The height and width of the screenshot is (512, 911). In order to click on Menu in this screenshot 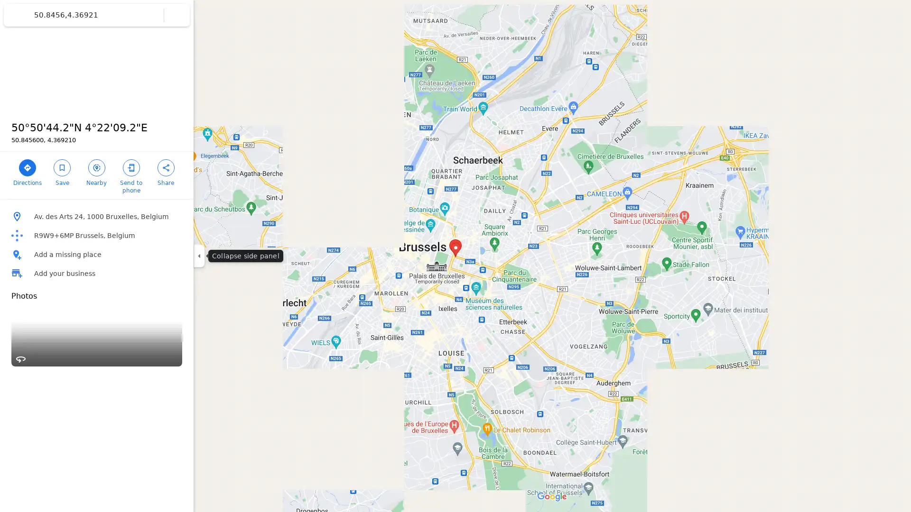, I will do `click(17, 16)`.